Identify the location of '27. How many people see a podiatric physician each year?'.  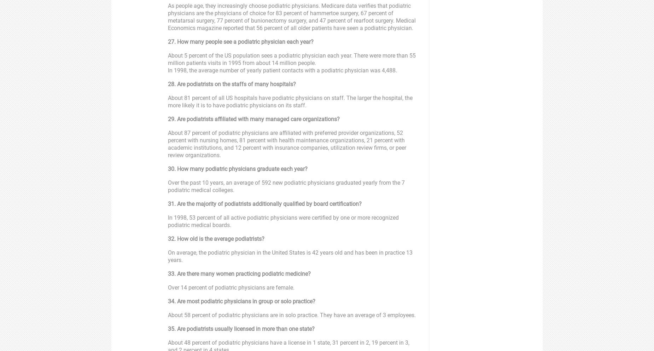
(240, 41).